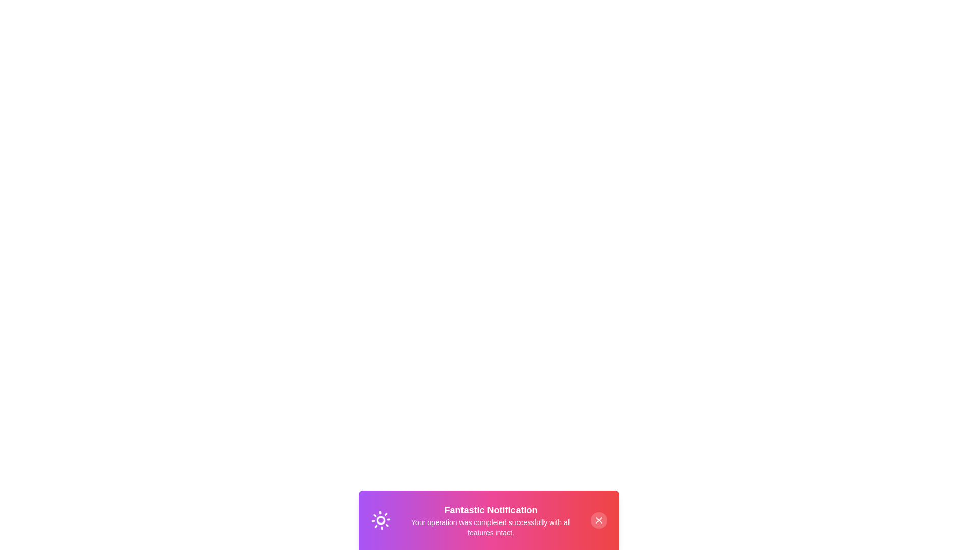 The height and width of the screenshot is (550, 978). Describe the element at coordinates (599, 520) in the screenshot. I see `the close button to observe the hover state change` at that location.